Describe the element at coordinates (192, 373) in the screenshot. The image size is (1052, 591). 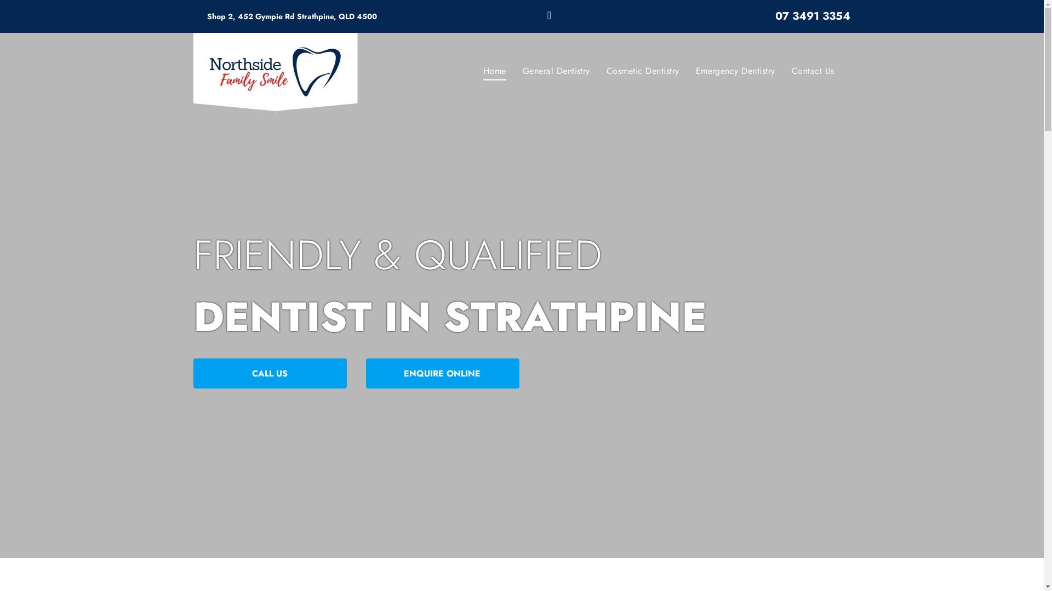
I see `'CALL US'` at that location.